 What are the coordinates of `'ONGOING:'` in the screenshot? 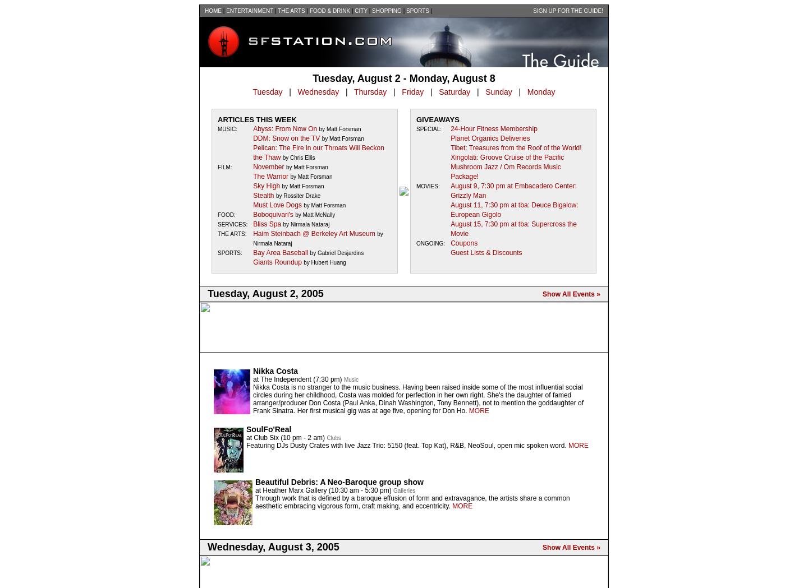 It's located at (430, 243).